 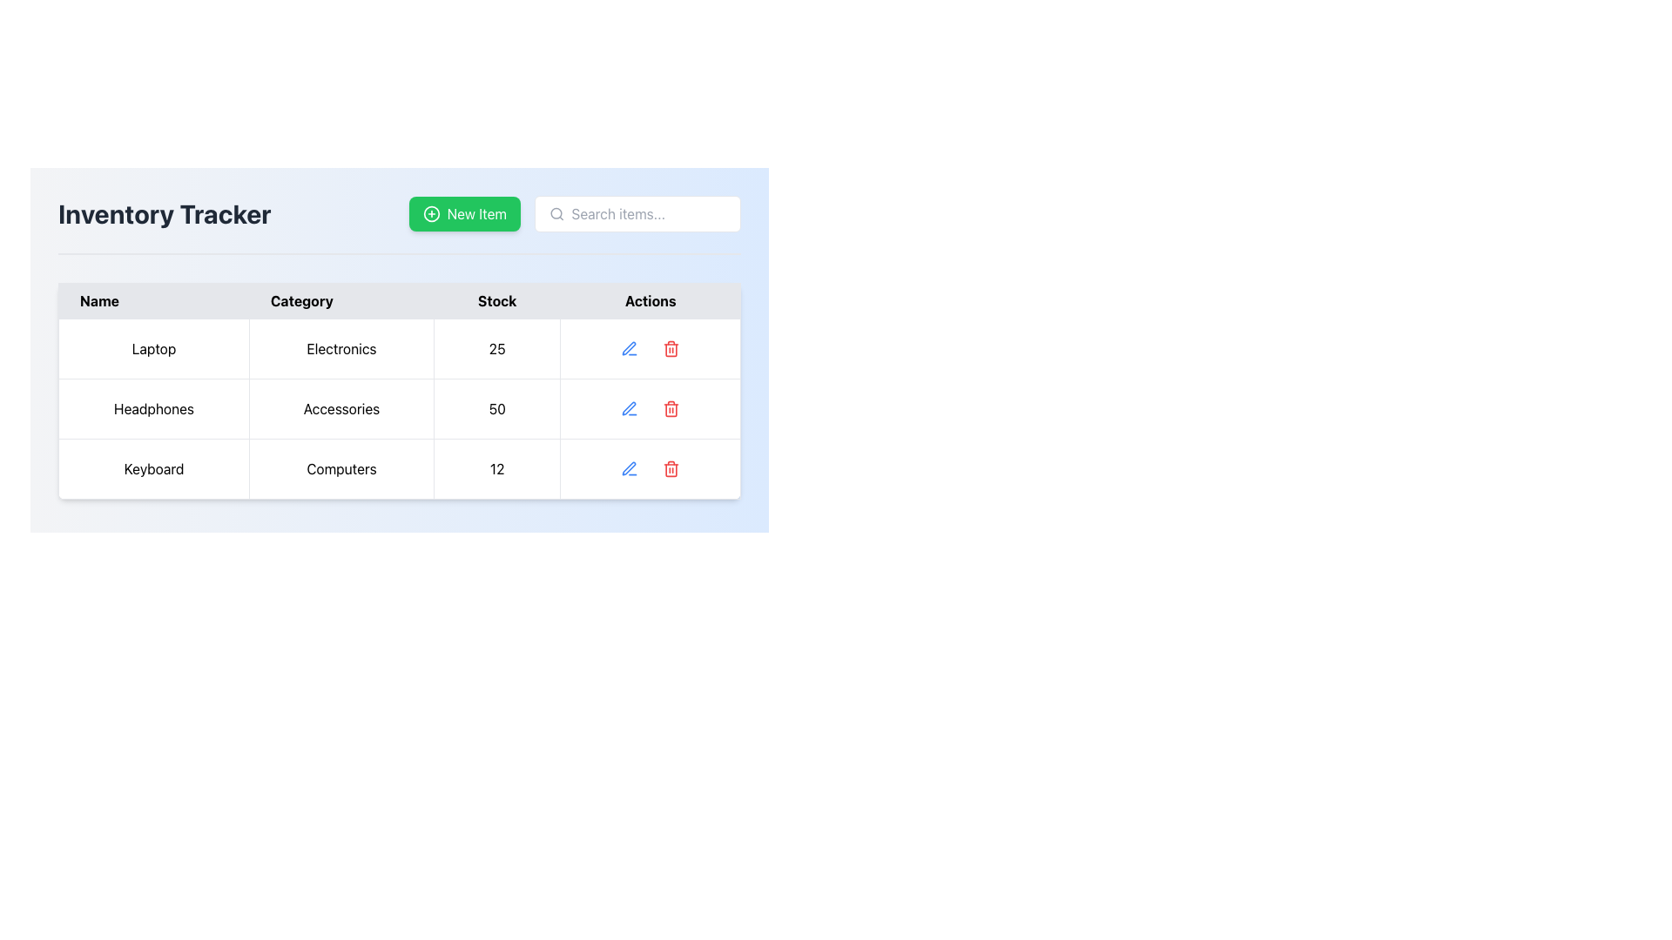 What do you see at coordinates (671, 409) in the screenshot?
I see `the delete icon button located in the 'Actions' column of the second row of the table corresponding to the 'Headphones' item` at bounding box center [671, 409].